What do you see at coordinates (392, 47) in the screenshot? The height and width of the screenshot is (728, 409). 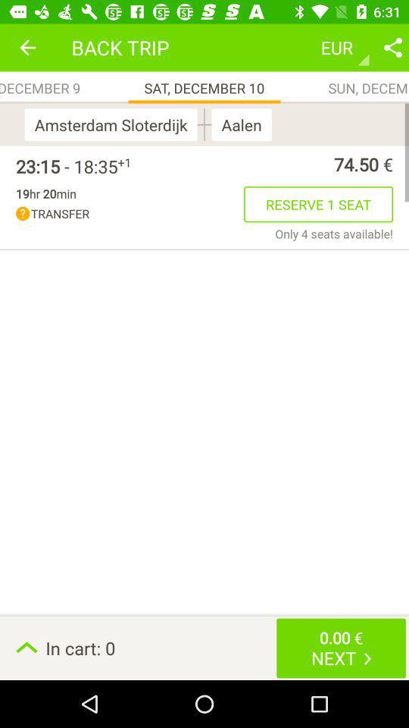 I see `share trip data` at bounding box center [392, 47].